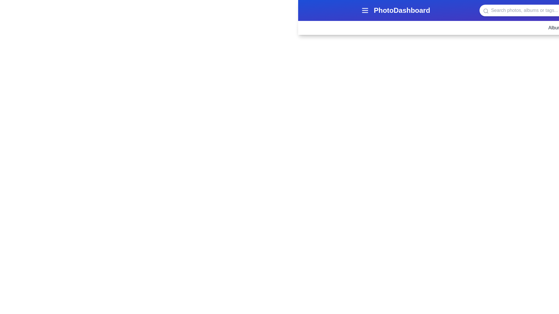 The height and width of the screenshot is (314, 559). What do you see at coordinates (556, 28) in the screenshot?
I see `the navigation item Albums to navigate to the corresponding section` at bounding box center [556, 28].